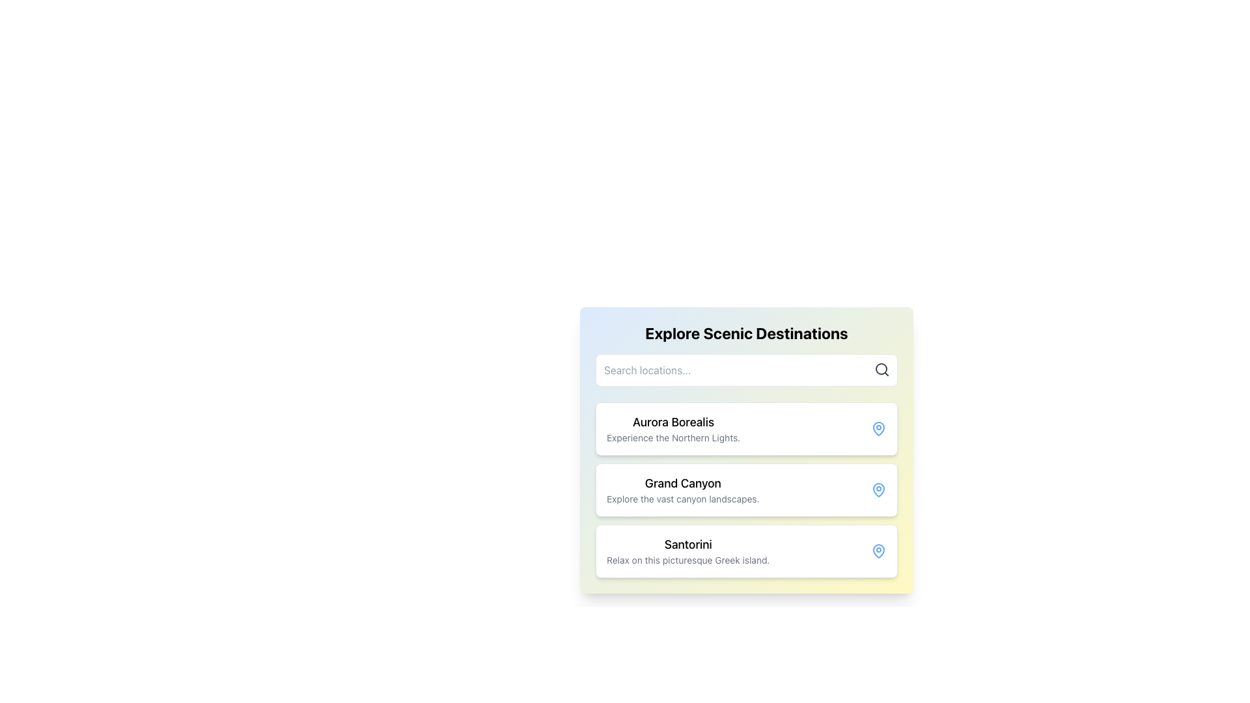  Describe the element at coordinates (747, 429) in the screenshot. I see `the Aurora Borealis destination card, which is the top card` at that location.